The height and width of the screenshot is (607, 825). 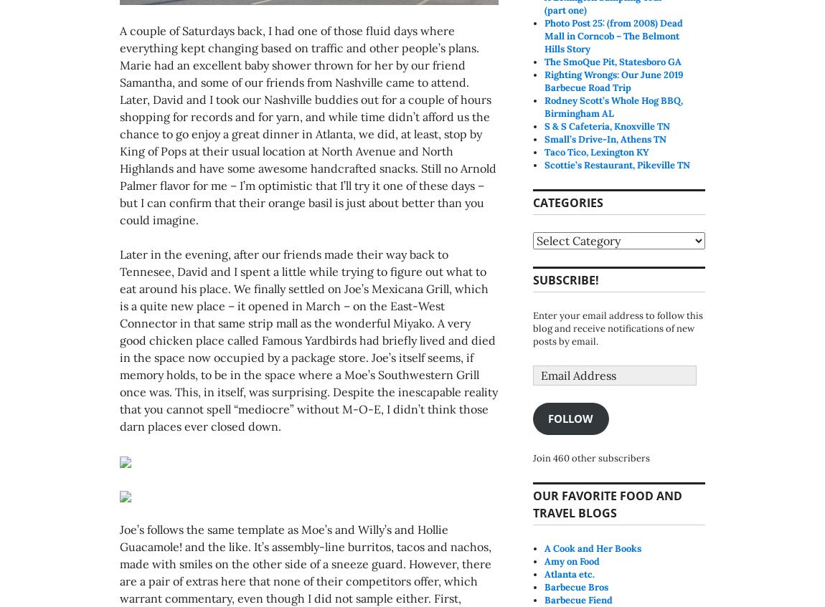 What do you see at coordinates (616, 164) in the screenshot?
I see `'Scottie’s Restaurant, Pikeville TN'` at bounding box center [616, 164].